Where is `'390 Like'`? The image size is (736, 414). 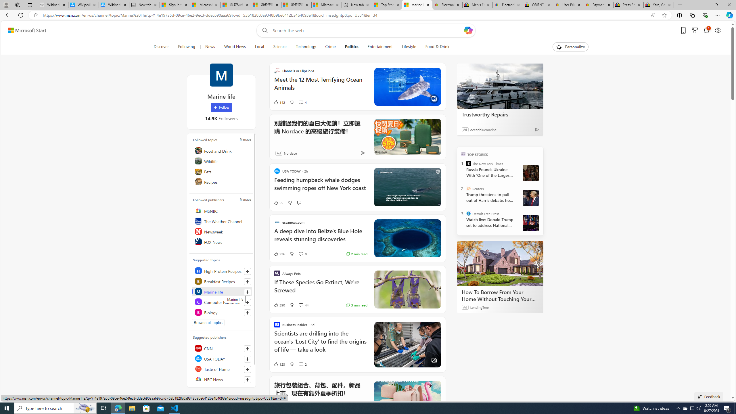
'390 Like' is located at coordinates (279, 305).